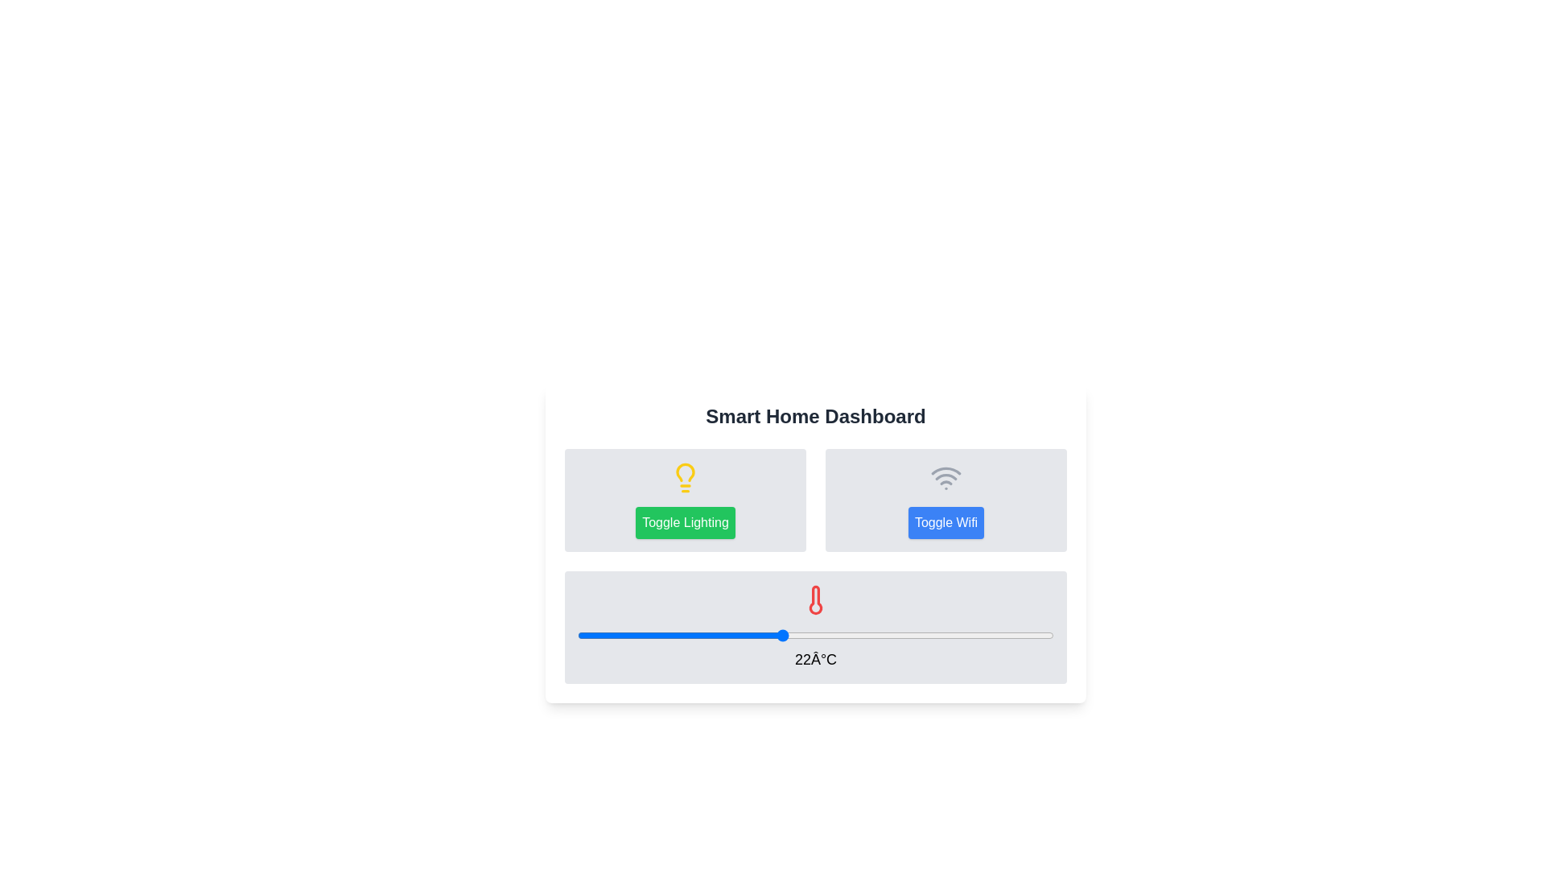 The height and width of the screenshot is (869, 1545). Describe the element at coordinates (685, 477) in the screenshot. I see `the lightbulb-shaped icon with a yellow fill and outlined design, located above the 'Toggle Lighting' button` at that location.